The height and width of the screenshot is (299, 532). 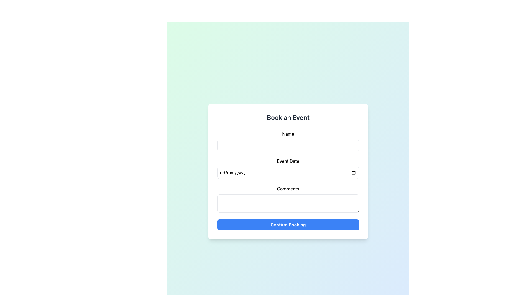 I want to click on the text input field labeled 'Comments' by tabbing from the previous field, so click(x=288, y=203).